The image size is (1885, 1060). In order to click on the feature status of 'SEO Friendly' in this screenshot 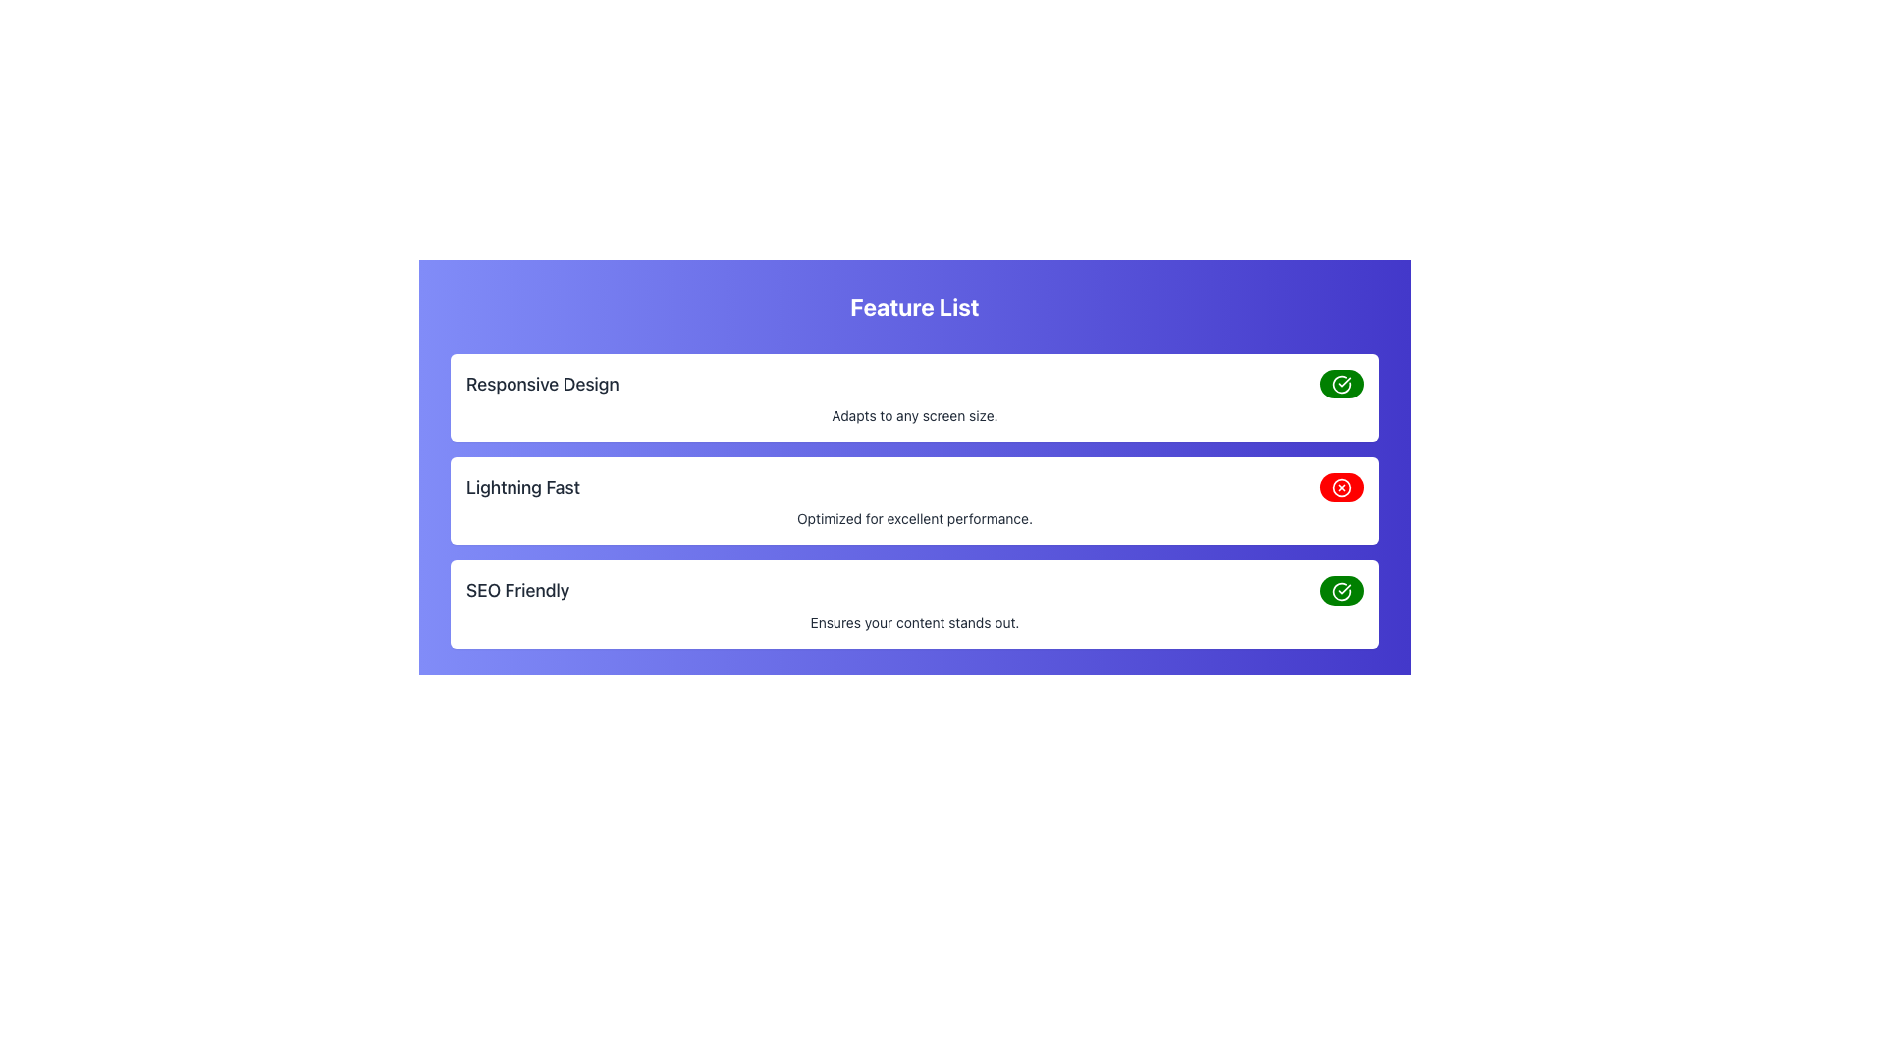, I will do `click(913, 589)`.